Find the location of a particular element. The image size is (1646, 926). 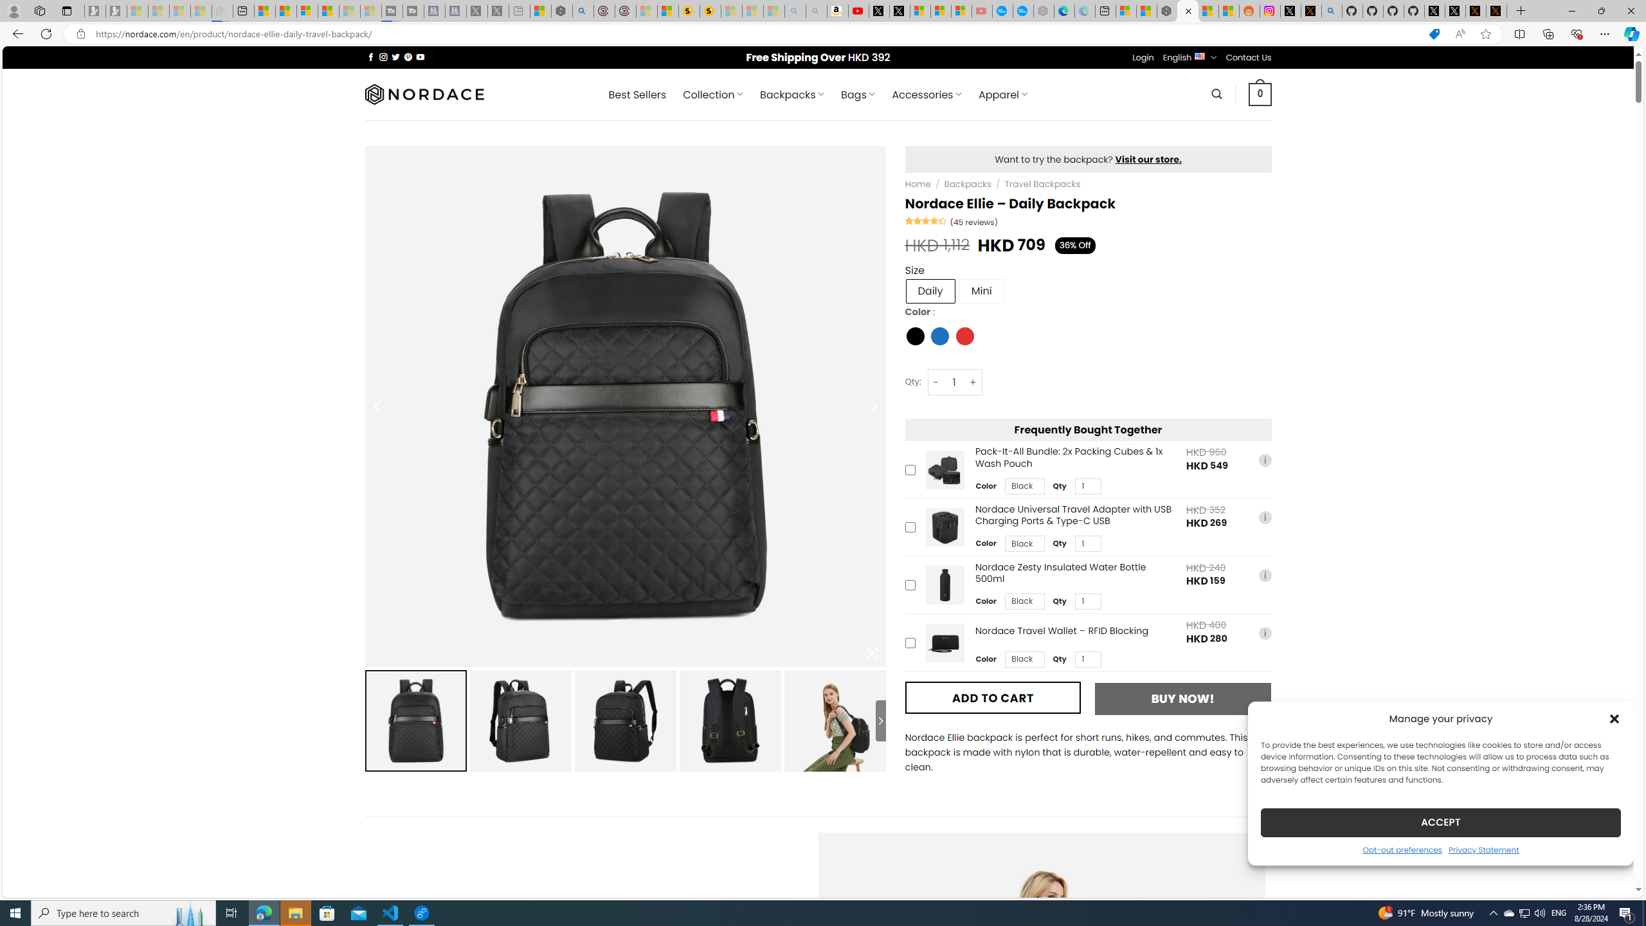

'Home' is located at coordinates (918, 184).